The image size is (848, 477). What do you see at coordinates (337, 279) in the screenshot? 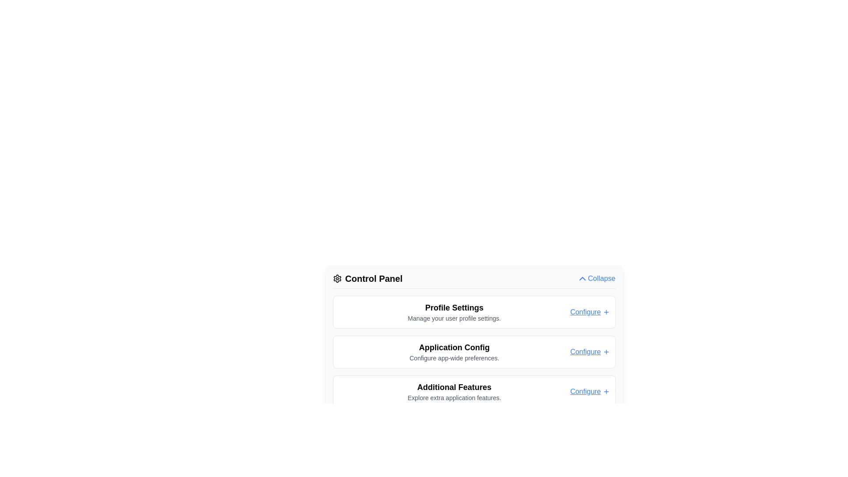
I see `the gear-shaped icon located to the left of the 'Control Panel' text, which is styled as an outlined symbol with a circular center` at bounding box center [337, 279].